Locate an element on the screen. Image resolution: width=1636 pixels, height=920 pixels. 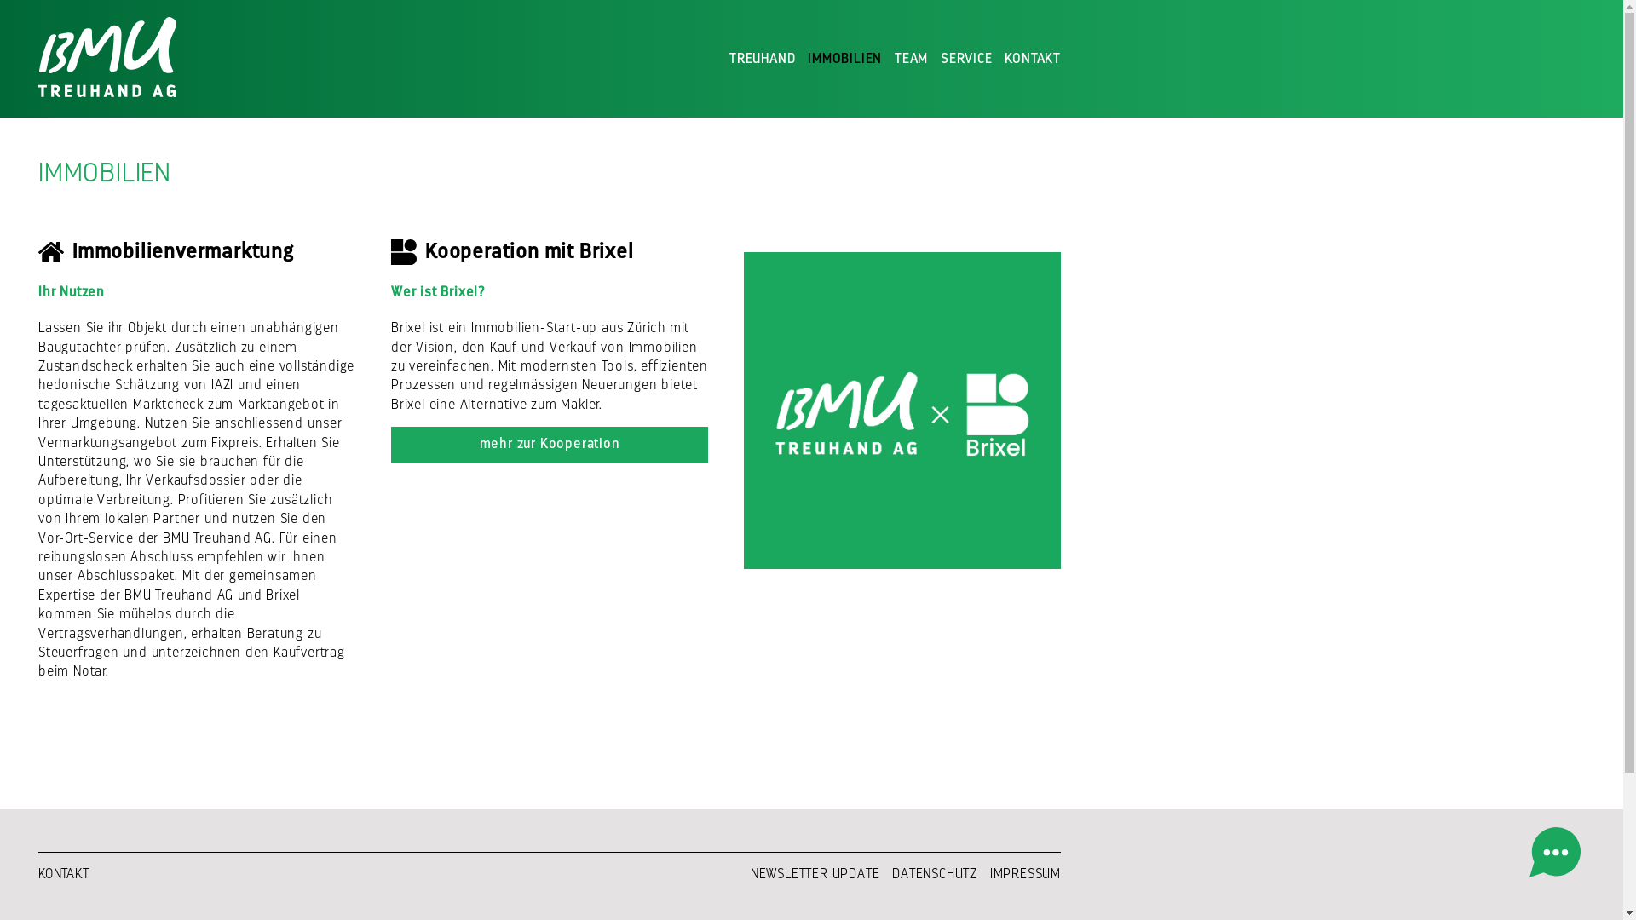
'KONTAKT' is located at coordinates (64, 873).